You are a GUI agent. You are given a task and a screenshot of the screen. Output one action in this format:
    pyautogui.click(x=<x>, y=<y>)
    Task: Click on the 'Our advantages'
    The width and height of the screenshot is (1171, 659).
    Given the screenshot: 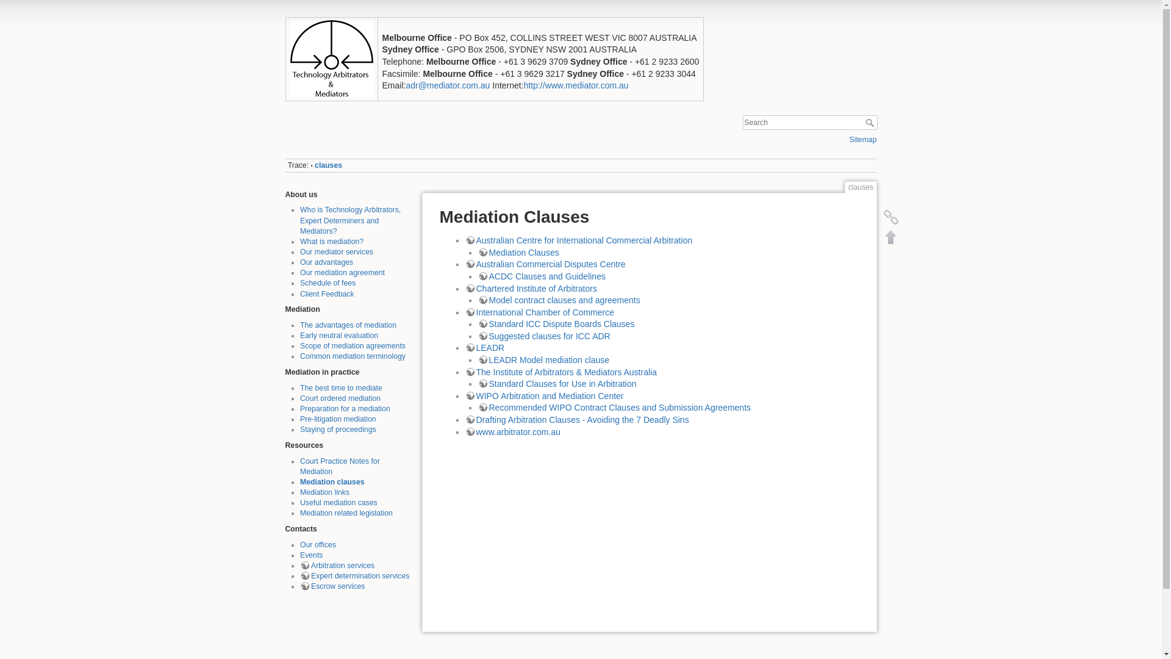 What is the action you would take?
    pyautogui.click(x=326, y=261)
    